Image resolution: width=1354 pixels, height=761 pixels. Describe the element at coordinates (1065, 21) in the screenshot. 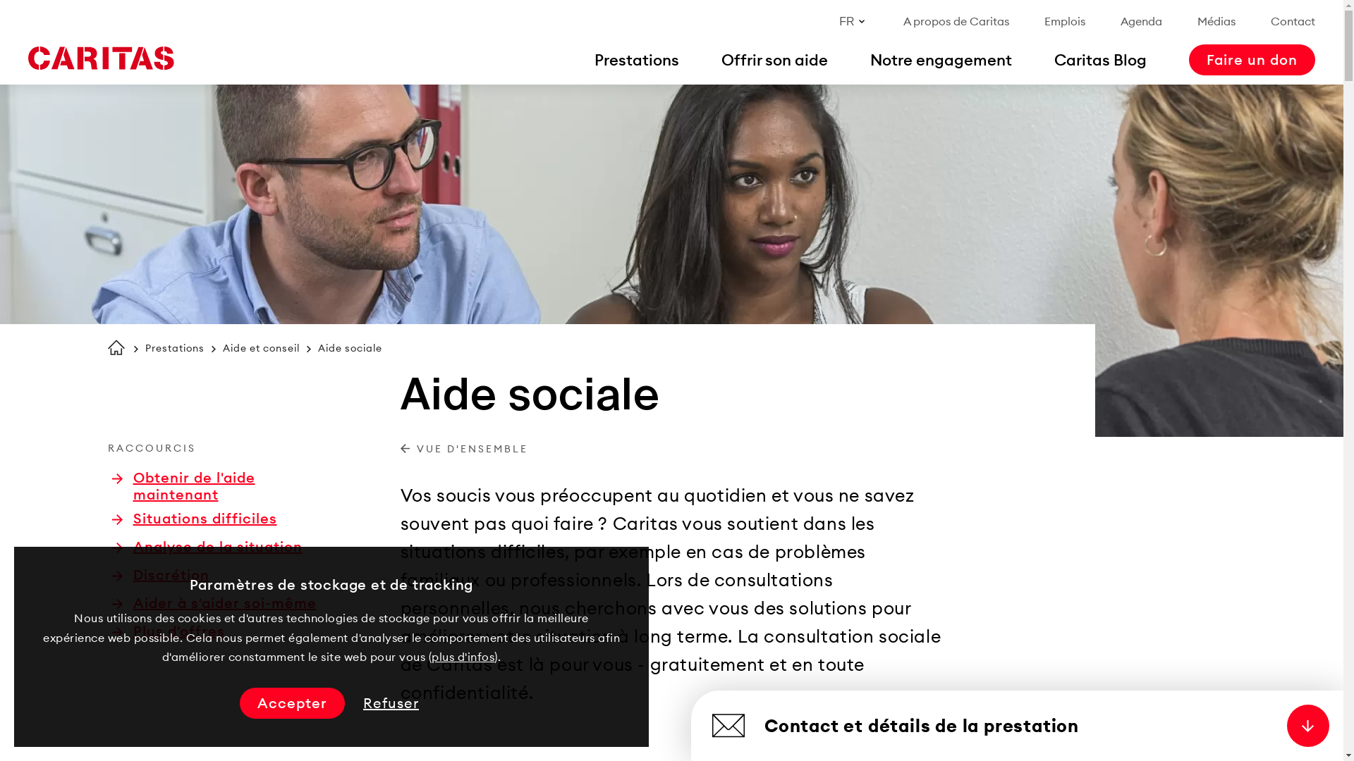

I see `'Emplois'` at that location.